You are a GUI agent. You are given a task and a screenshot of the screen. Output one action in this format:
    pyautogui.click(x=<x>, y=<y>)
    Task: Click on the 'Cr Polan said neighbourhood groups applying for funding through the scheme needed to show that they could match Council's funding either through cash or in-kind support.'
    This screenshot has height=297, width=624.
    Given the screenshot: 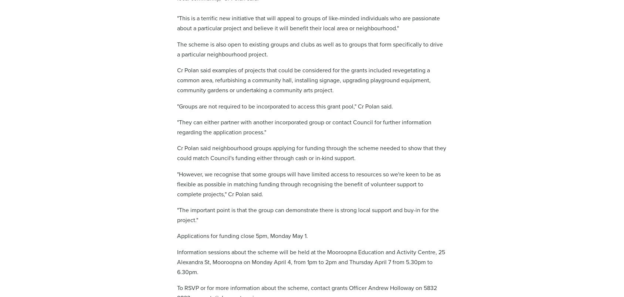 What is the action you would take?
    pyautogui.click(x=311, y=153)
    